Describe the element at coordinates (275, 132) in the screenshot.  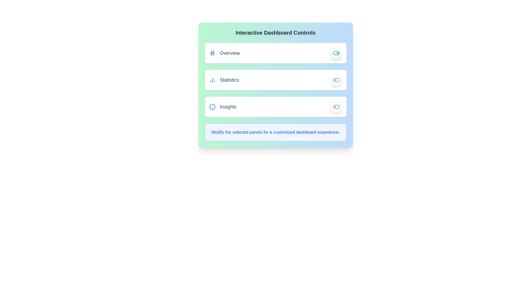
I see `the static informational text located at the bottom of the 'Interactive Dashboard Controls' panel, which informs users about modifying selected panels for a customized dashboard setup` at that location.